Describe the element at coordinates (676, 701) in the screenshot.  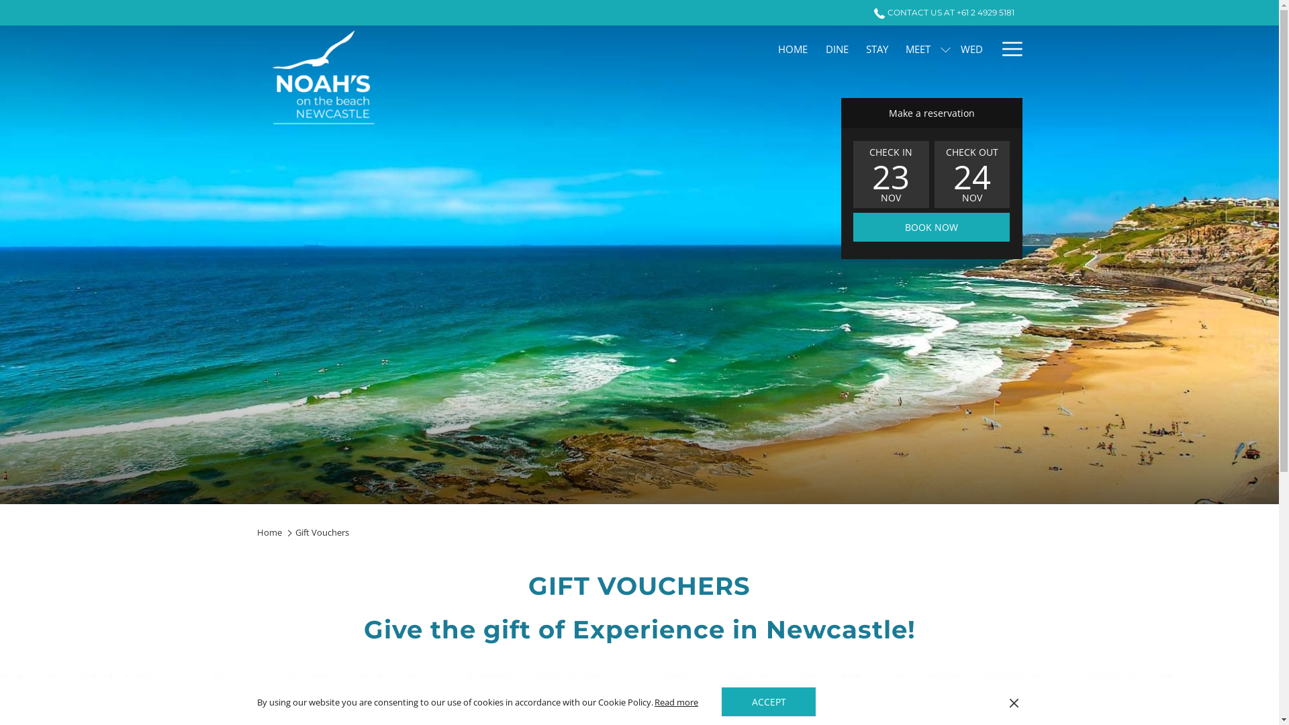
I see `'Read more'` at that location.